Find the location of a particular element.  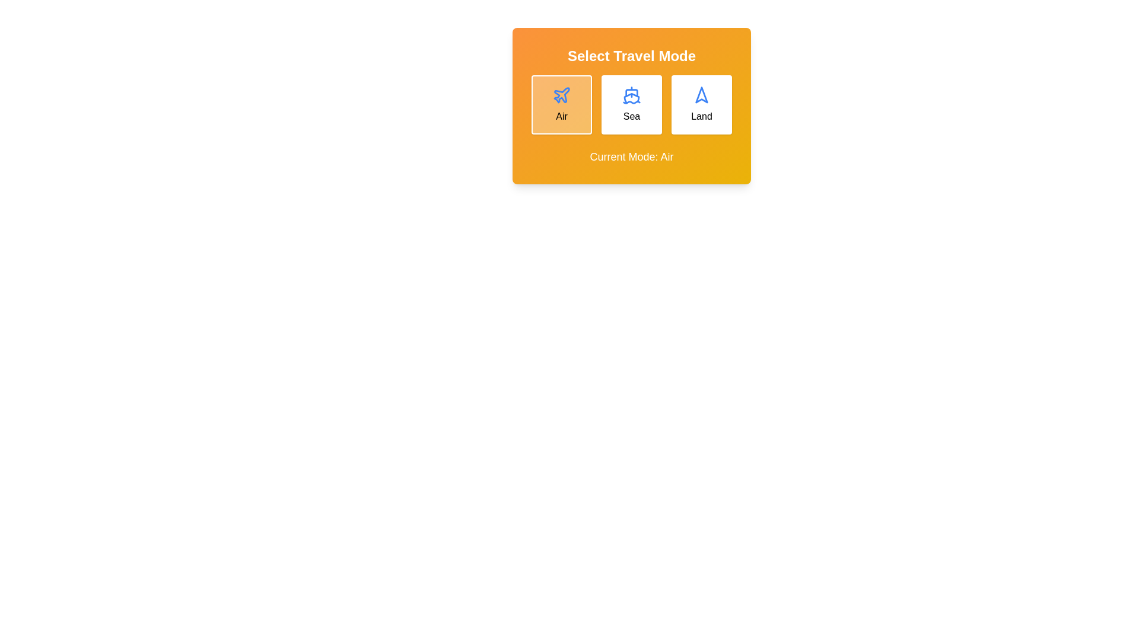

the 'Current Mode' text to select it for copying is located at coordinates (631, 156).